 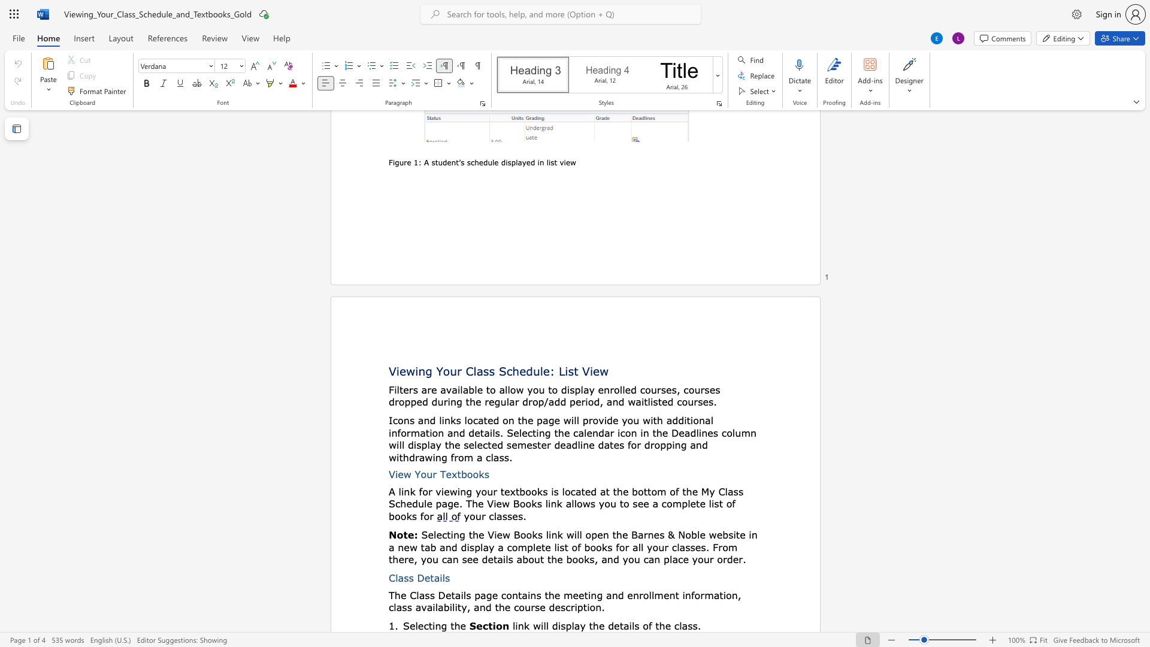 I want to click on the 1th character "s" in the text, so click(x=486, y=473).